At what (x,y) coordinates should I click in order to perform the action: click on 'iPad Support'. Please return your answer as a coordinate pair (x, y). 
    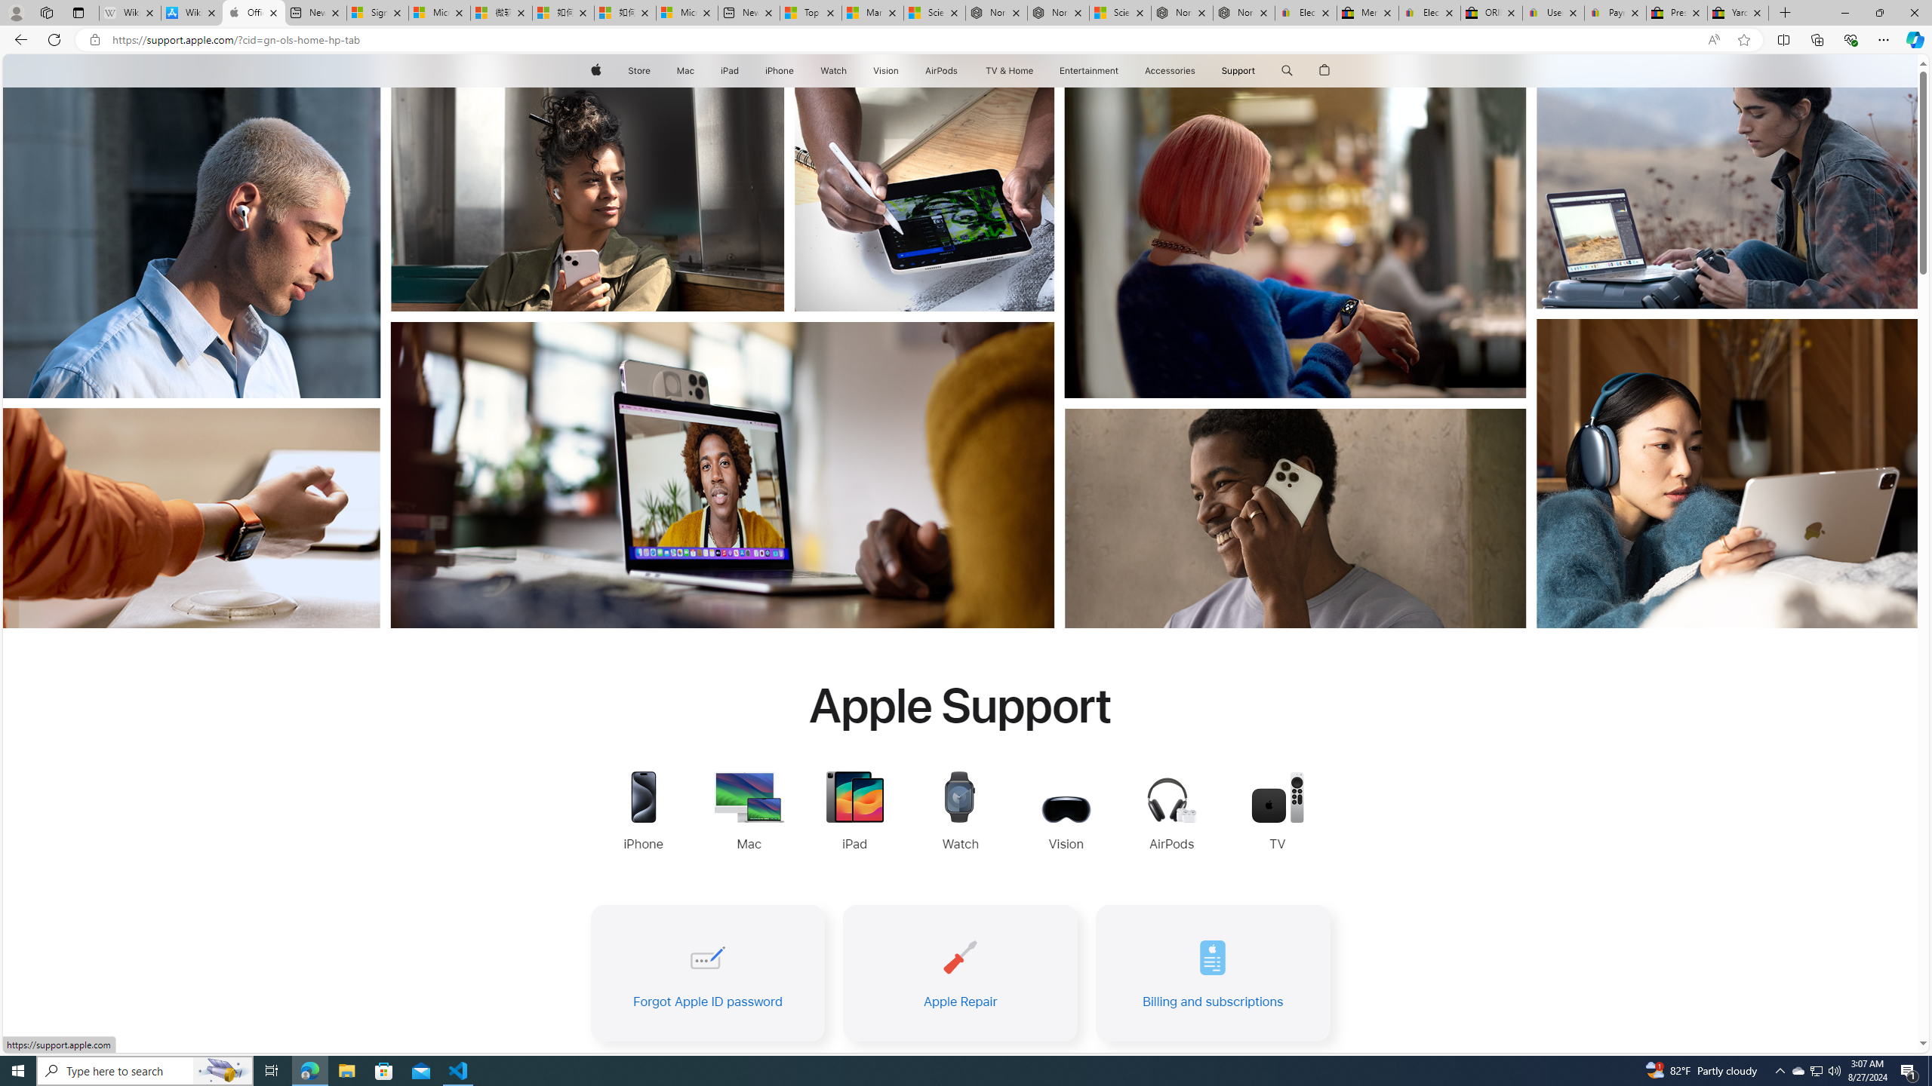
    Looking at the image, I should click on (854, 811).